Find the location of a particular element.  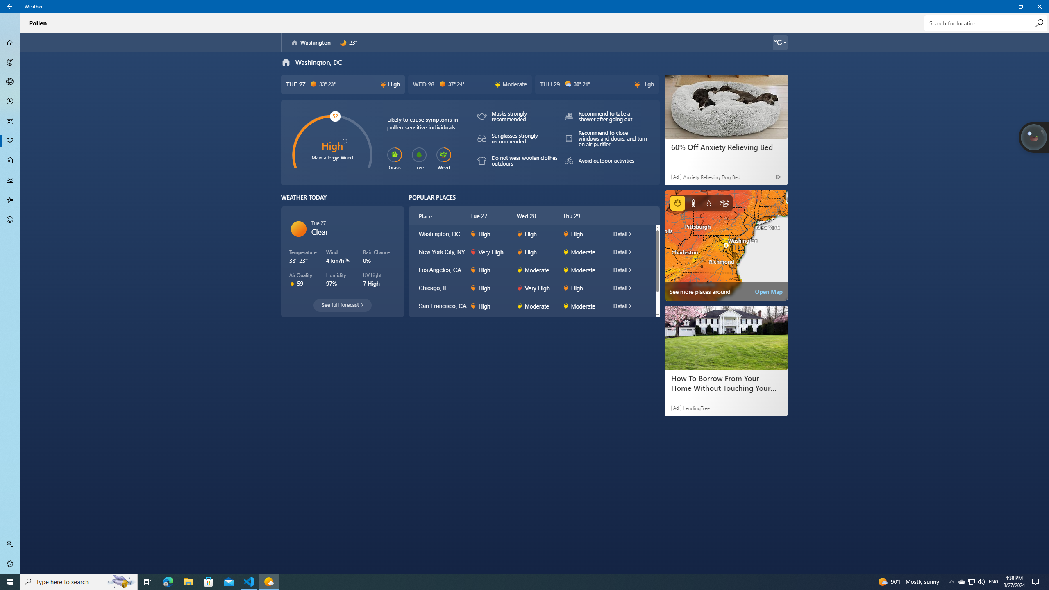

'Restore Weather' is located at coordinates (1020, 6).